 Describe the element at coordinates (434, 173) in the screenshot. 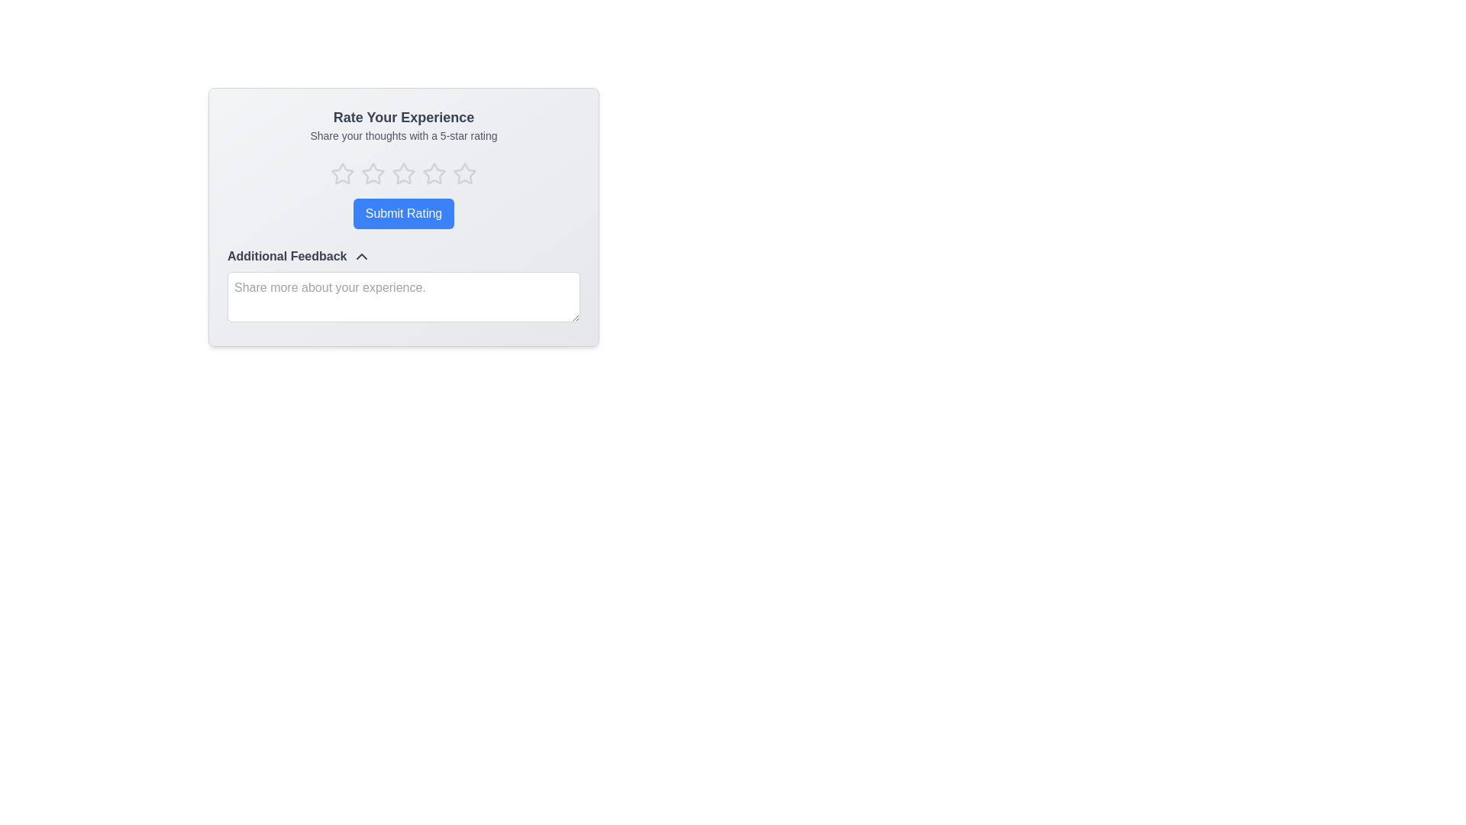

I see `the third star icon in the rating interface` at that location.